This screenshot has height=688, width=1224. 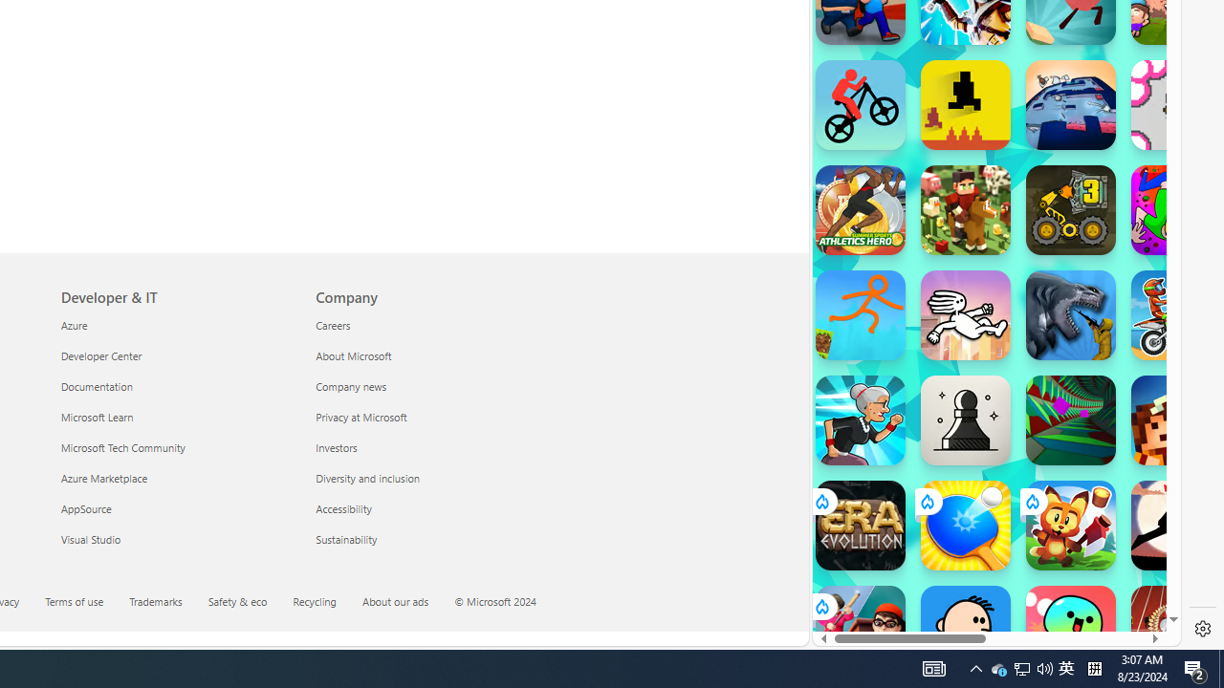 I want to click on 'Athletics Hero', so click(x=859, y=209).